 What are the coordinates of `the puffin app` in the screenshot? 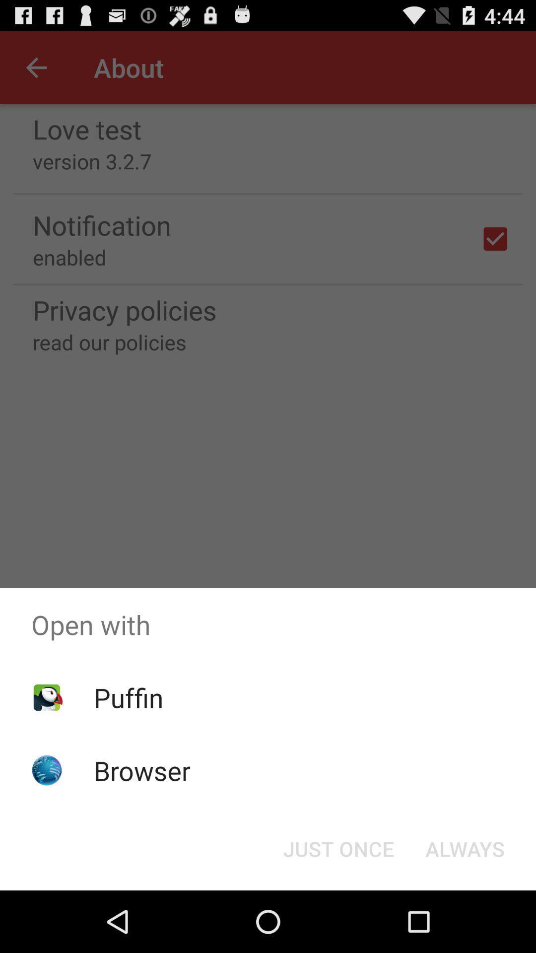 It's located at (128, 697).